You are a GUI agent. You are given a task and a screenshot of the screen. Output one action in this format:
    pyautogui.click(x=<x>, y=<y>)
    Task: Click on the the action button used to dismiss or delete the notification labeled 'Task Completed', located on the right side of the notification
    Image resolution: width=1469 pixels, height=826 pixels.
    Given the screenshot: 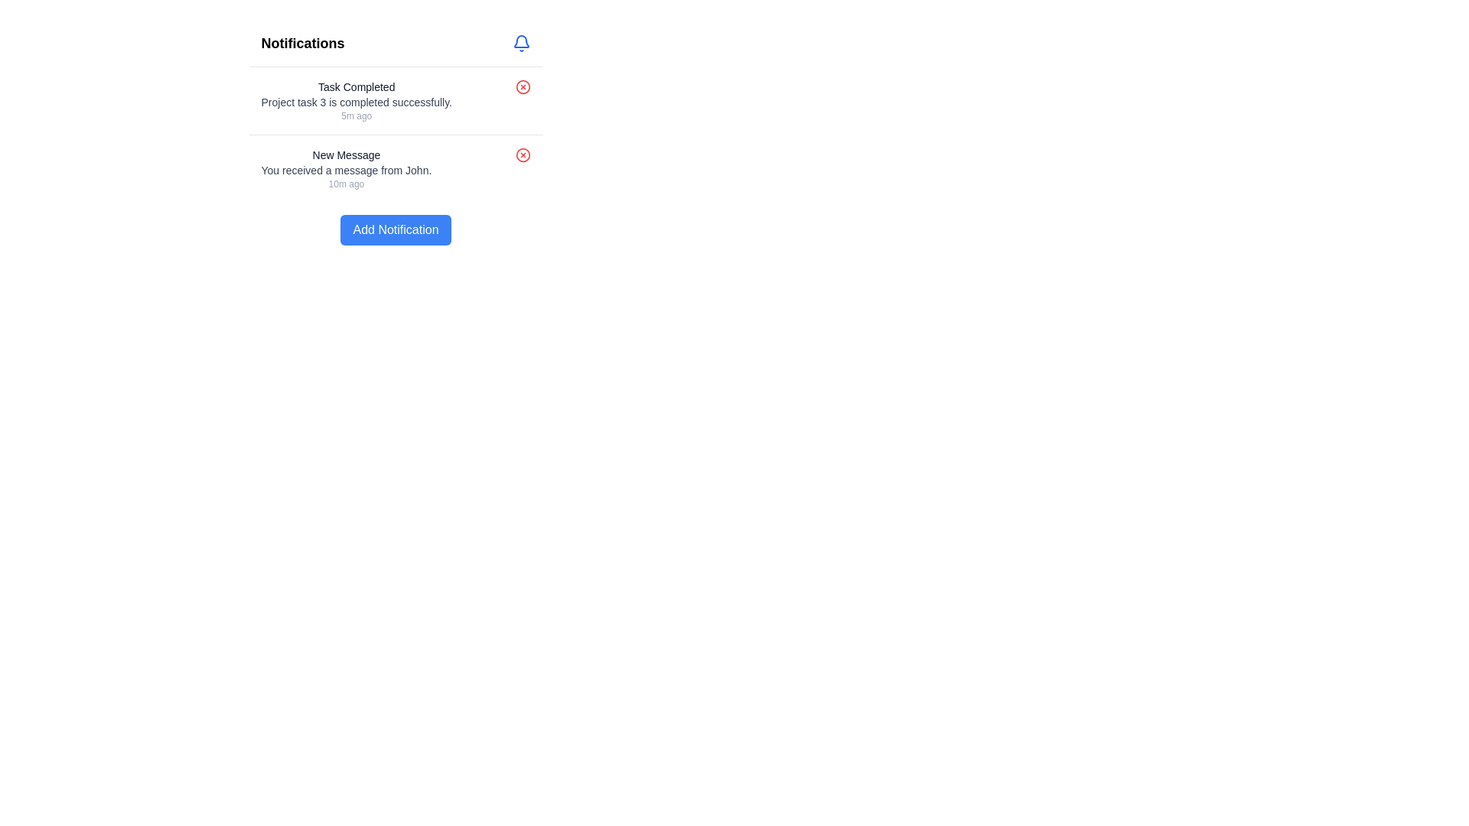 What is the action you would take?
    pyautogui.click(x=523, y=87)
    